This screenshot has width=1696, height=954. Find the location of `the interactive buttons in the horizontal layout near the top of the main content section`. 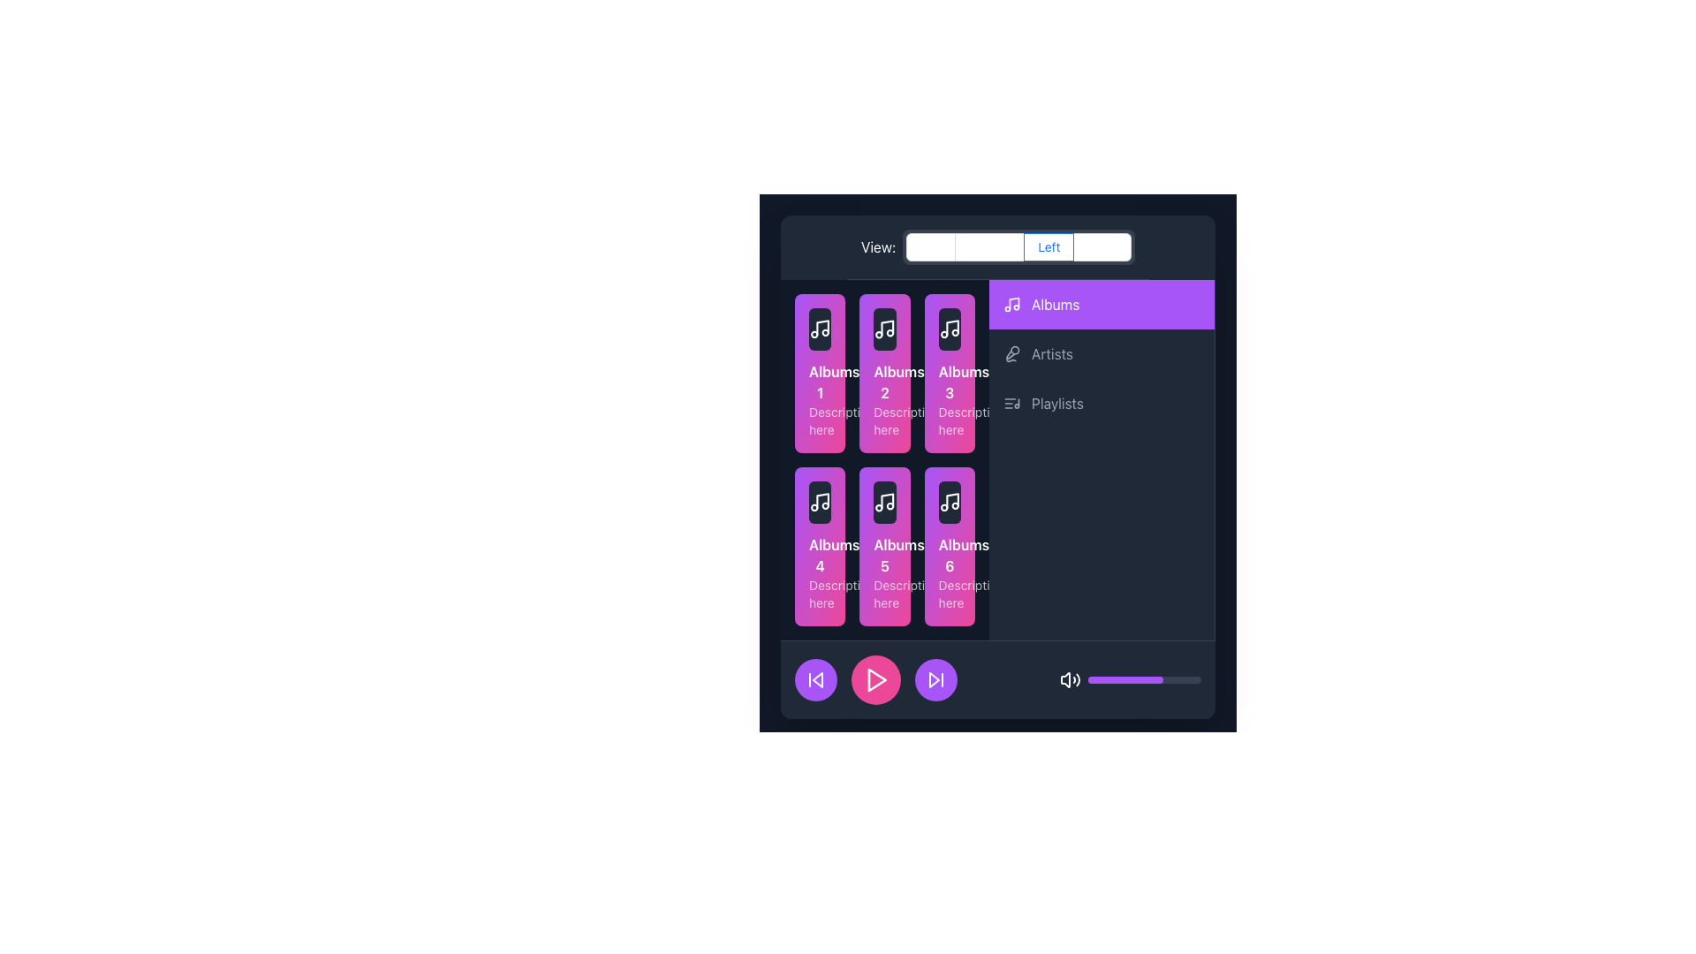

the interactive buttons in the horizontal layout near the top of the main content section is located at coordinates (997, 247).